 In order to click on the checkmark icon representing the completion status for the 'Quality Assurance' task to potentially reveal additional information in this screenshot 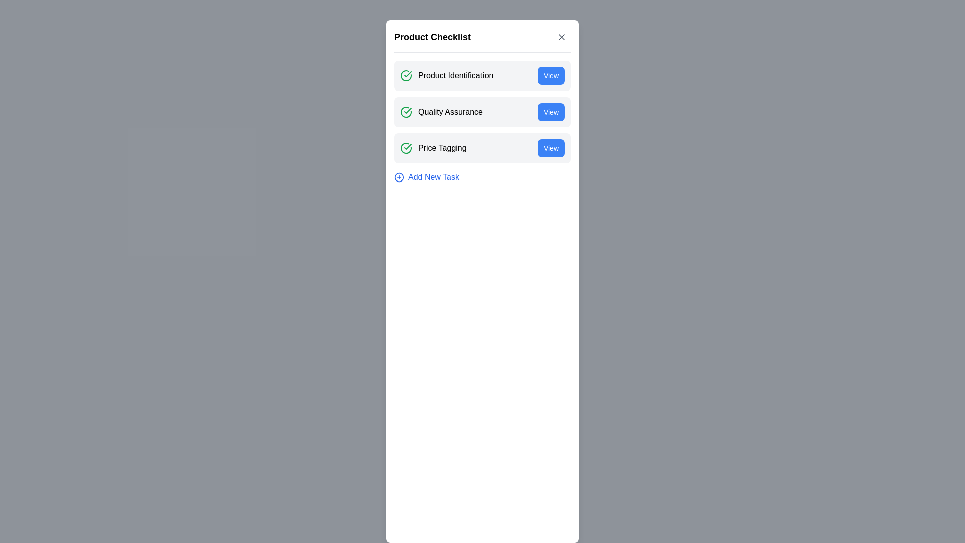, I will do `click(408, 73)`.